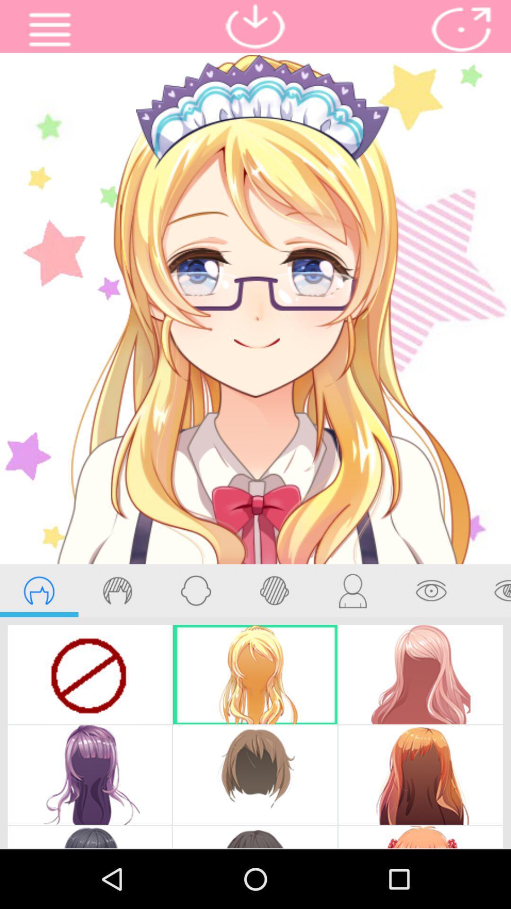 The width and height of the screenshot is (511, 909). Describe the element at coordinates (420, 837) in the screenshot. I see `the image which has white hair` at that location.